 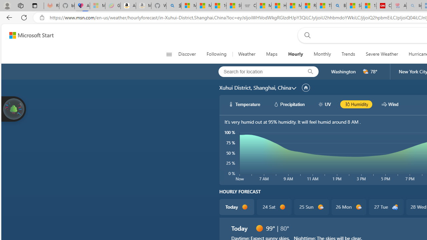 What do you see at coordinates (279, 6) in the screenshot?
I see `'How I Got Rid of Microsoft Edge'` at bounding box center [279, 6].